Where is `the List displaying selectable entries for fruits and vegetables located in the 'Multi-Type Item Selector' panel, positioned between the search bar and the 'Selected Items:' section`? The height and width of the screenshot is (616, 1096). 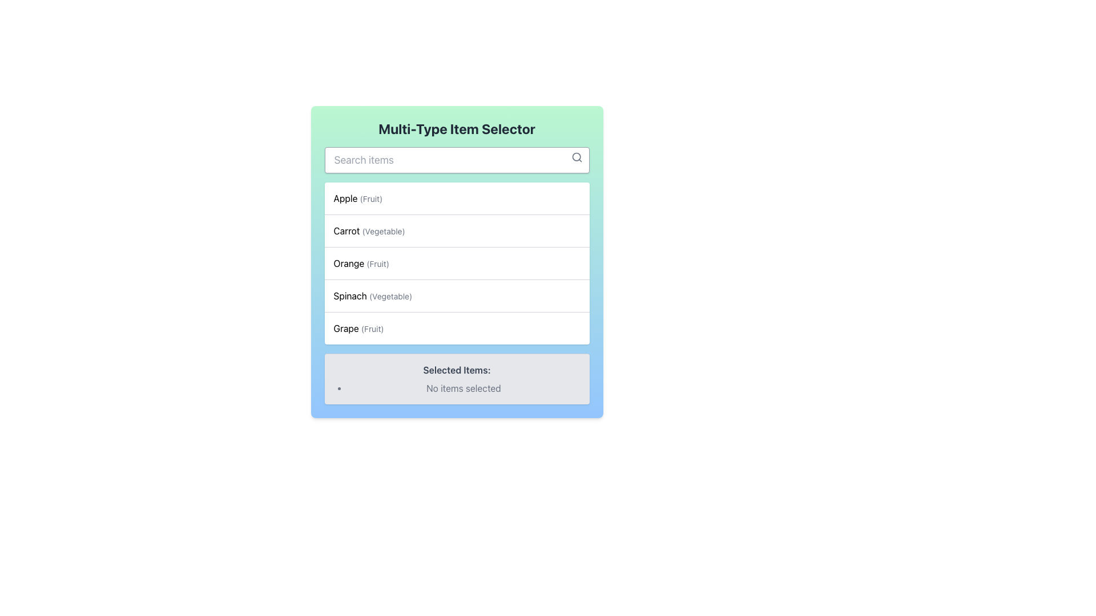
the List displaying selectable entries for fruits and vegetables located in the 'Multi-Type Item Selector' panel, positioned between the search bar and the 'Selected Items:' section is located at coordinates (457, 264).